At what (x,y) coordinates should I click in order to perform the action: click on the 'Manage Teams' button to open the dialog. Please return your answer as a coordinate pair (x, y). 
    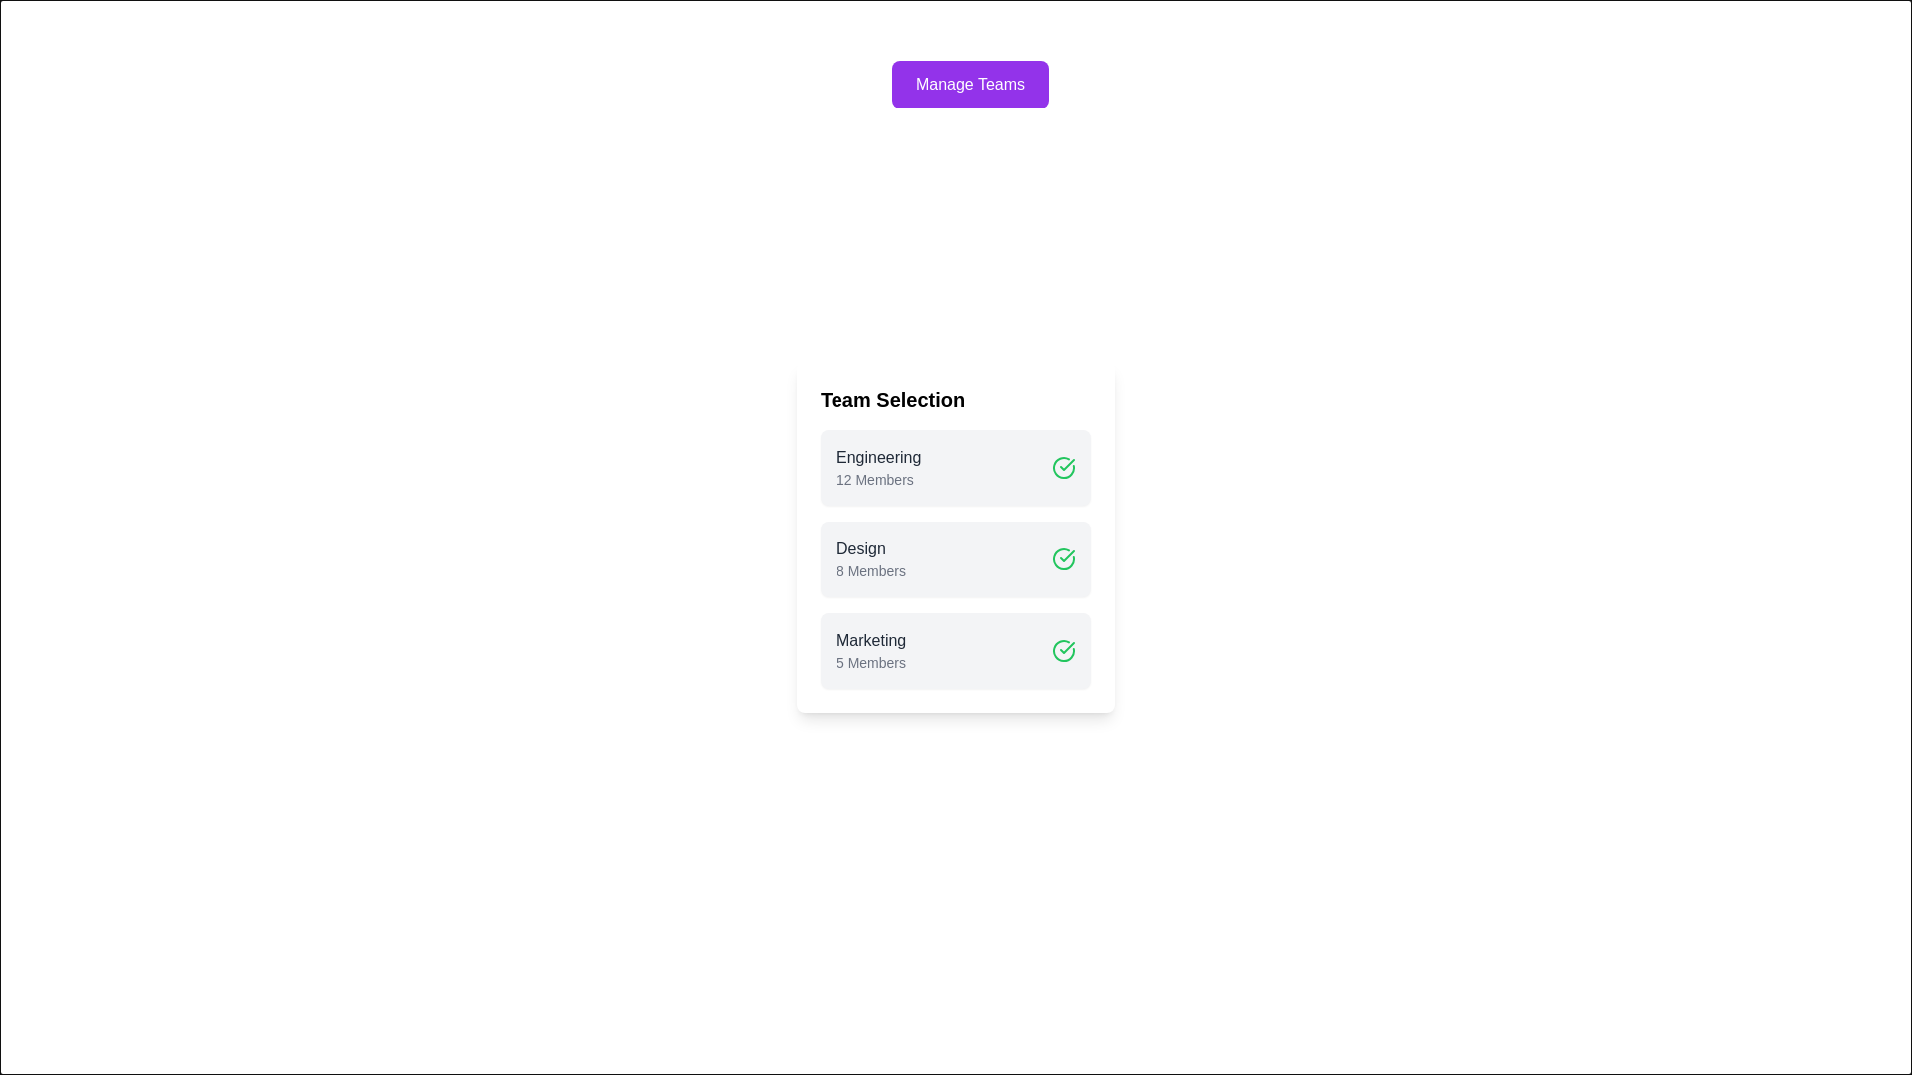
    Looking at the image, I should click on (970, 83).